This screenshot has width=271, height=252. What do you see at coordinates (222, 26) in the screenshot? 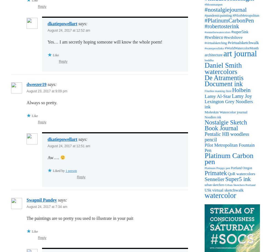
I see `'#robertosterink'` at bounding box center [222, 26].